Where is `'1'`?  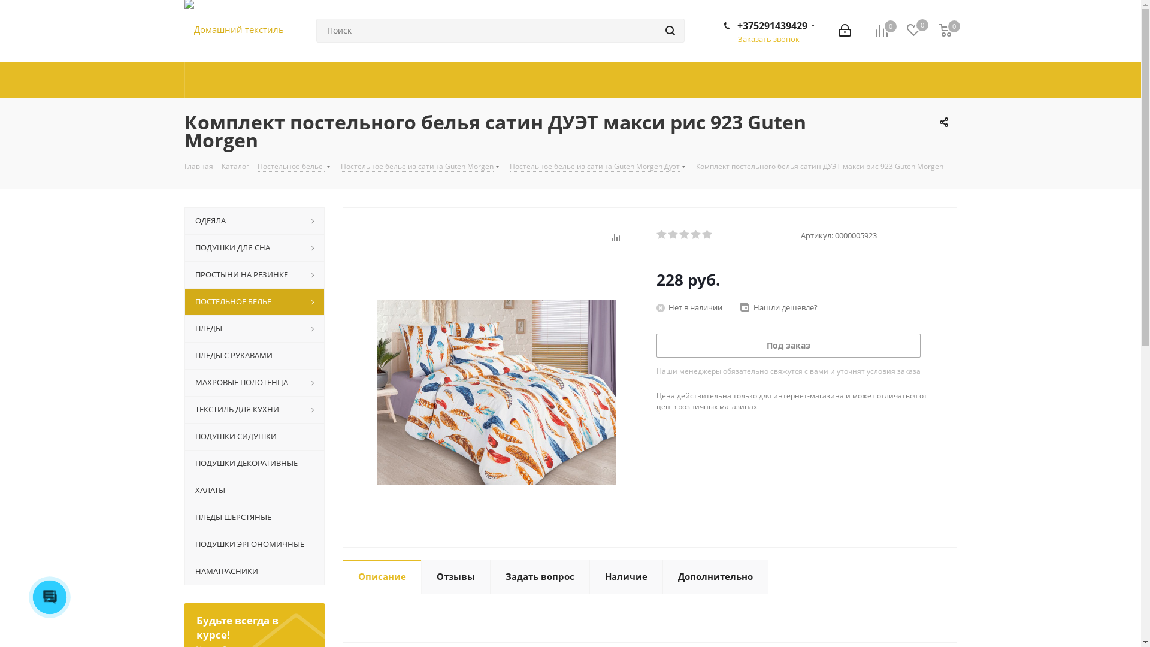
'1' is located at coordinates (661, 235).